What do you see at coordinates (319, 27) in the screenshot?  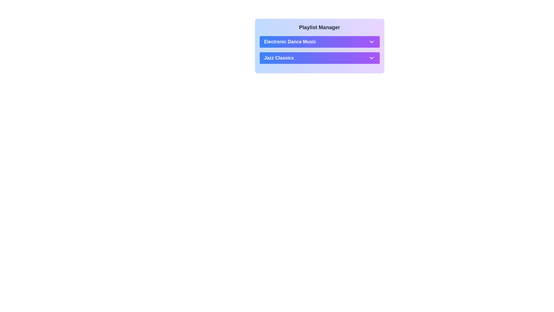 I see `the Text label that serves as the title or heading for the section, positioned centrally near the top and preceding other elements like 'Electronic Dance Music' and 'Jazz Classics'` at bounding box center [319, 27].